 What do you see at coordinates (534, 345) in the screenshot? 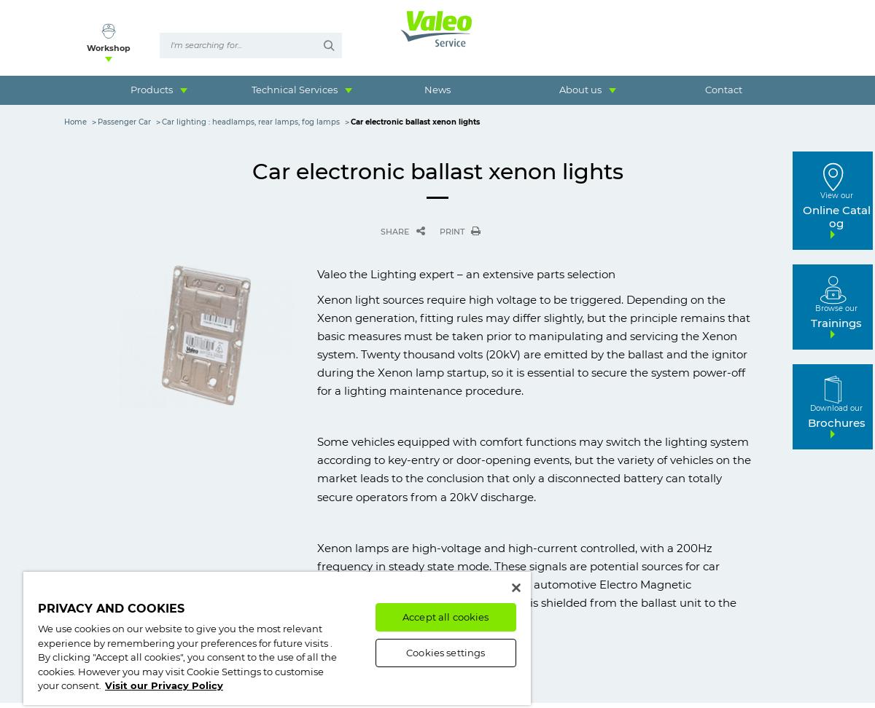
I see `'Xenon light sources require high voltage to be triggered. Depending on the Xenon generation, fitting rules may differ slightly, but the principle remains that basic measures must be taken prior to manipulating and servicing the Xenon system. Twenty thousand volts (20kV) are emitted by the ballast and the ignitor during the Xenon lamp startup, so it is essential to secure the system power-off for a lighting maintenance procedure.'` at bounding box center [534, 345].